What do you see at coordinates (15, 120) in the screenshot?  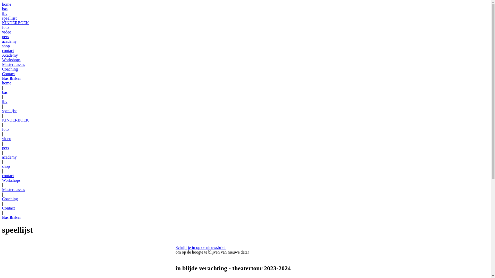 I see `'KINDERBOEK'` at bounding box center [15, 120].